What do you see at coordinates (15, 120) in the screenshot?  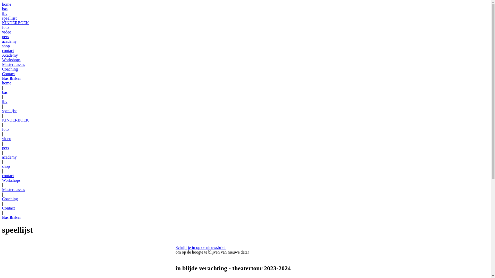 I see `'KINDERBOEK'` at bounding box center [15, 120].